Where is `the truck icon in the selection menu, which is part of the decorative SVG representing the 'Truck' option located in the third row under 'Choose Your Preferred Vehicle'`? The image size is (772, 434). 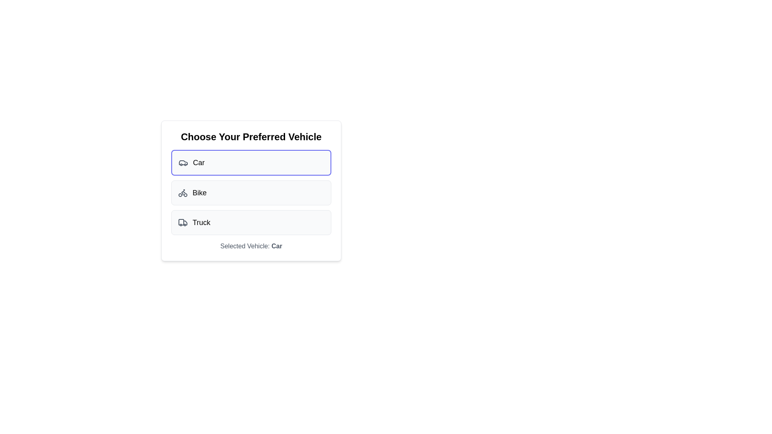 the truck icon in the selection menu, which is part of the decorative SVG representing the 'Truck' option located in the third row under 'Choose Your Preferred Vehicle' is located at coordinates (181, 222).